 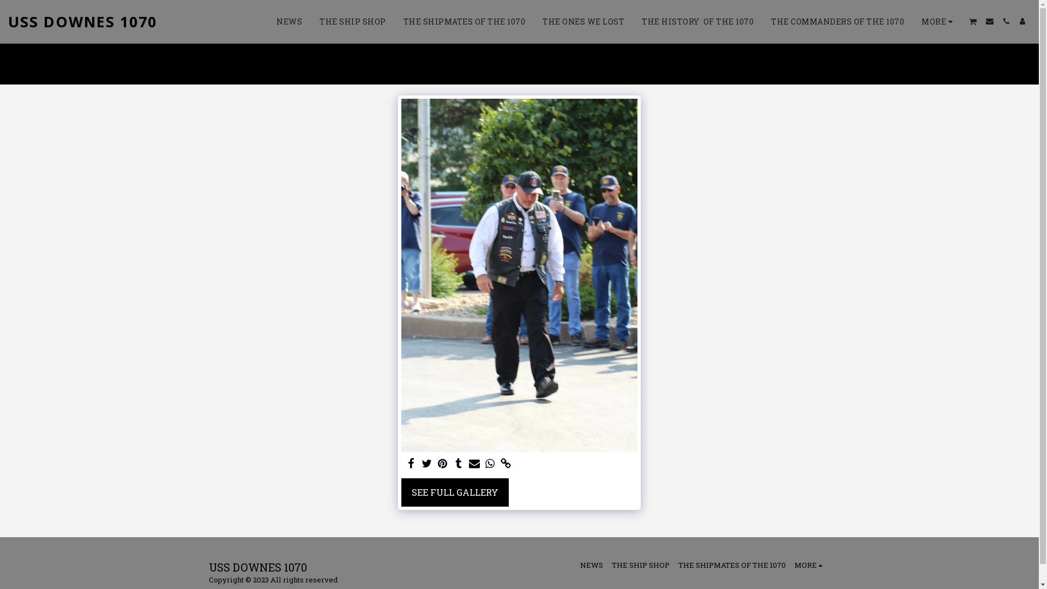 What do you see at coordinates (426, 464) in the screenshot?
I see `'Tweet'` at bounding box center [426, 464].